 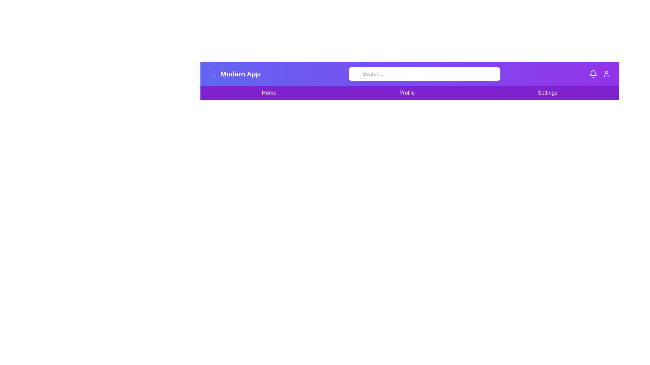 I want to click on the user icon located at the top-right corner of the EnhancedAppBar, so click(x=606, y=74).